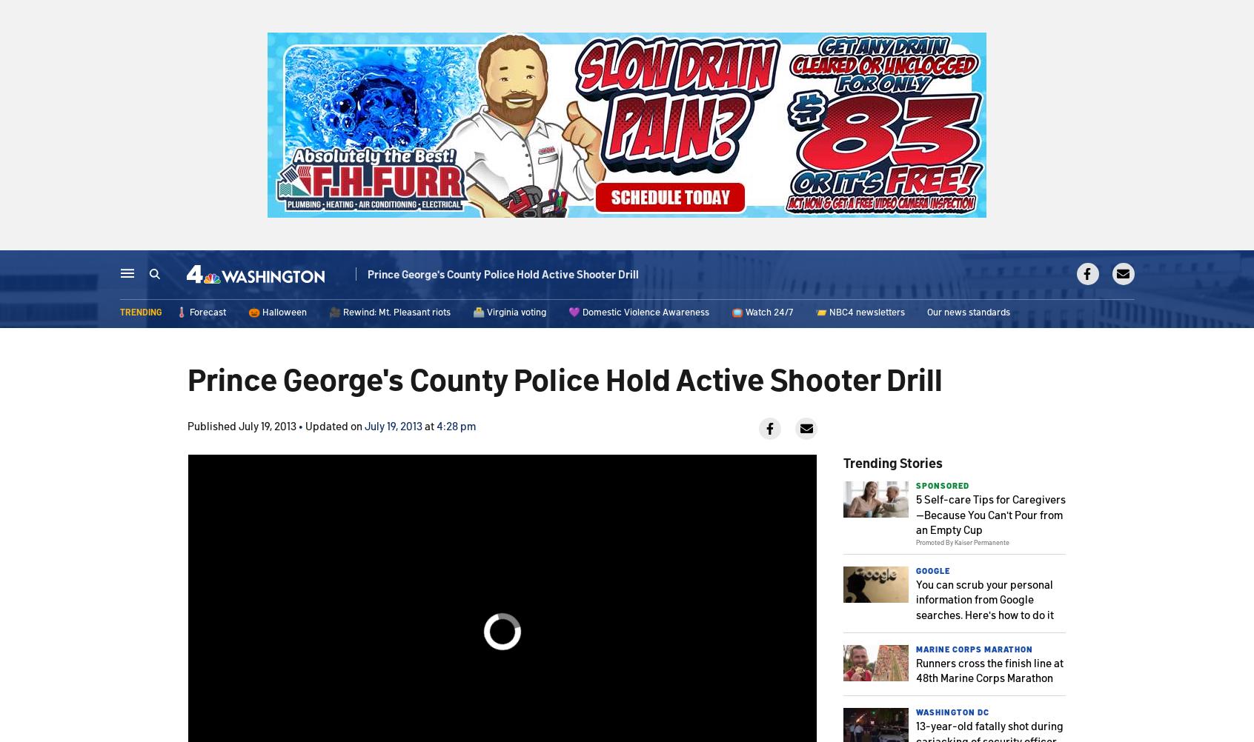 The image size is (1254, 742). Describe the element at coordinates (579, 275) in the screenshot. I see `'The Scene'` at that location.